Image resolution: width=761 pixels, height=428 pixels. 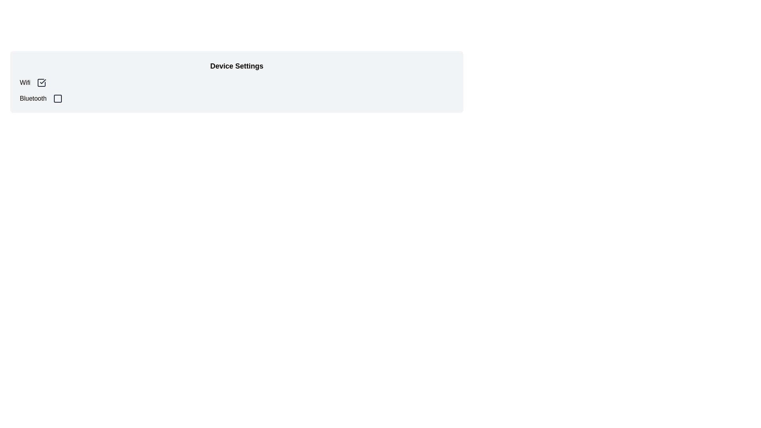 What do you see at coordinates (25, 82) in the screenshot?
I see `the text label displaying 'WiFi' in bold and large font, located at the top-left corner of the settings menu, before the interactive checkbox` at bounding box center [25, 82].